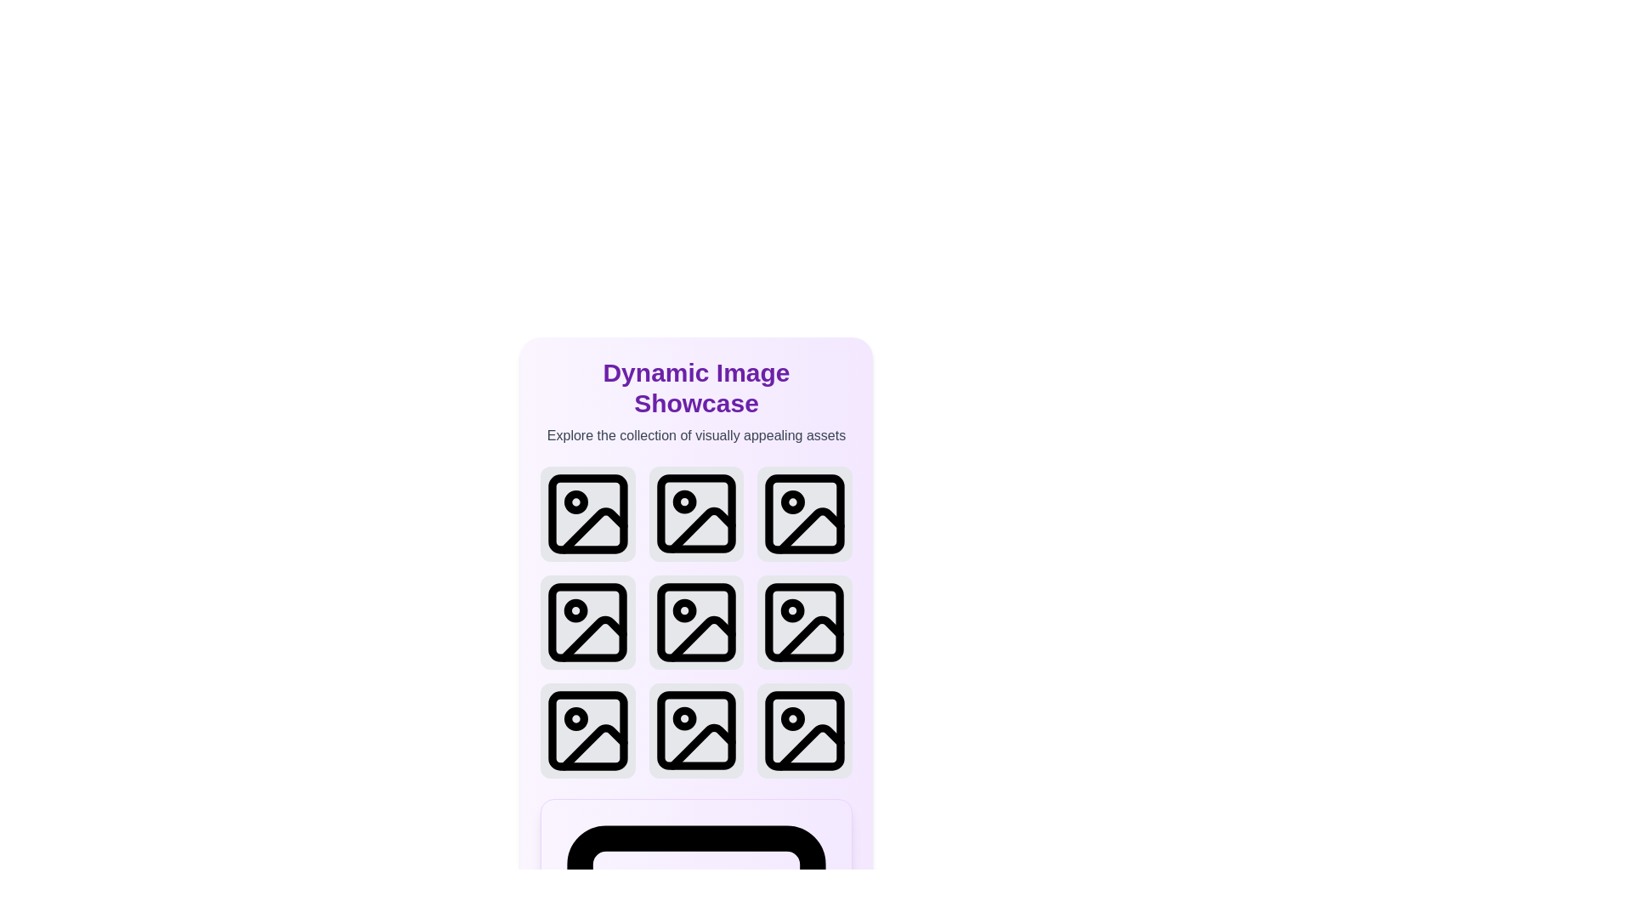  What do you see at coordinates (696, 622) in the screenshot?
I see `the small rectangle with rounded edges located in the top-left corner of the image placeholder icon in the second row of a 3x3 grid` at bounding box center [696, 622].